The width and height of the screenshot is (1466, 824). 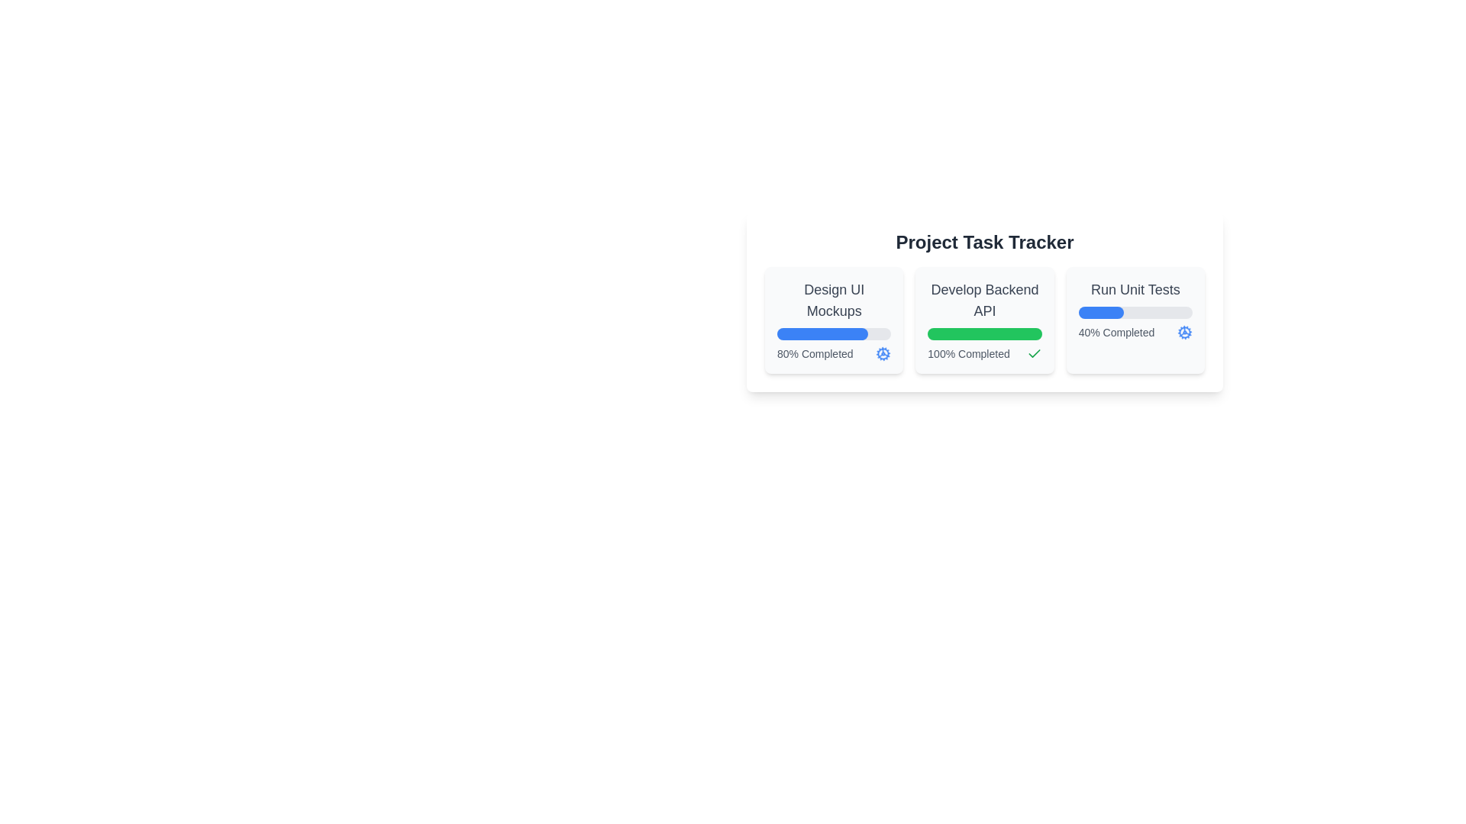 What do you see at coordinates (833, 333) in the screenshot?
I see `the progress bar that visually represents the completion status of a task, shown as 80%, located inside the 'Design UI Mockups' card on the left of a group of three cards in the main interface` at bounding box center [833, 333].